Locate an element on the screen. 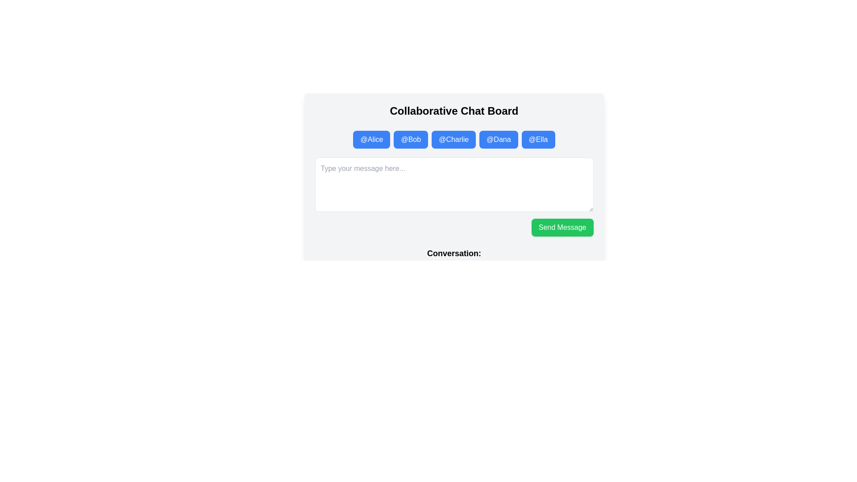 The width and height of the screenshot is (857, 482). the blue button labeled '@Dana' is located at coordinates (498, 139).